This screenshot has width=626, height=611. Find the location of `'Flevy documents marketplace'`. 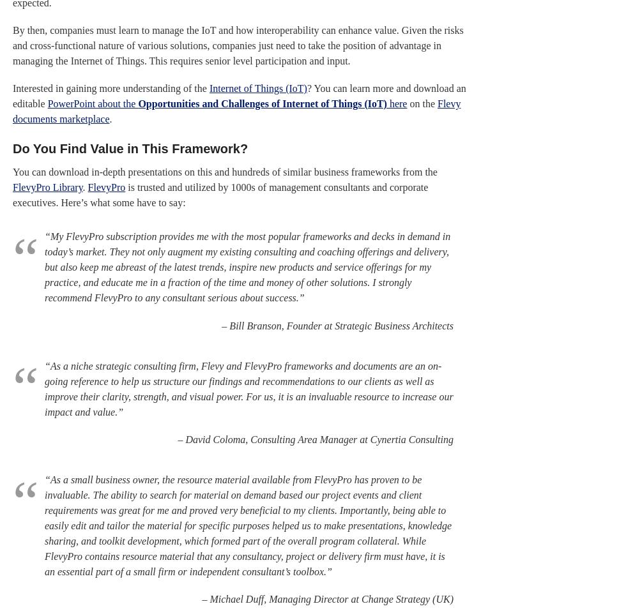

'Flevy documents marketplace' is located at coordinates (236, 111).